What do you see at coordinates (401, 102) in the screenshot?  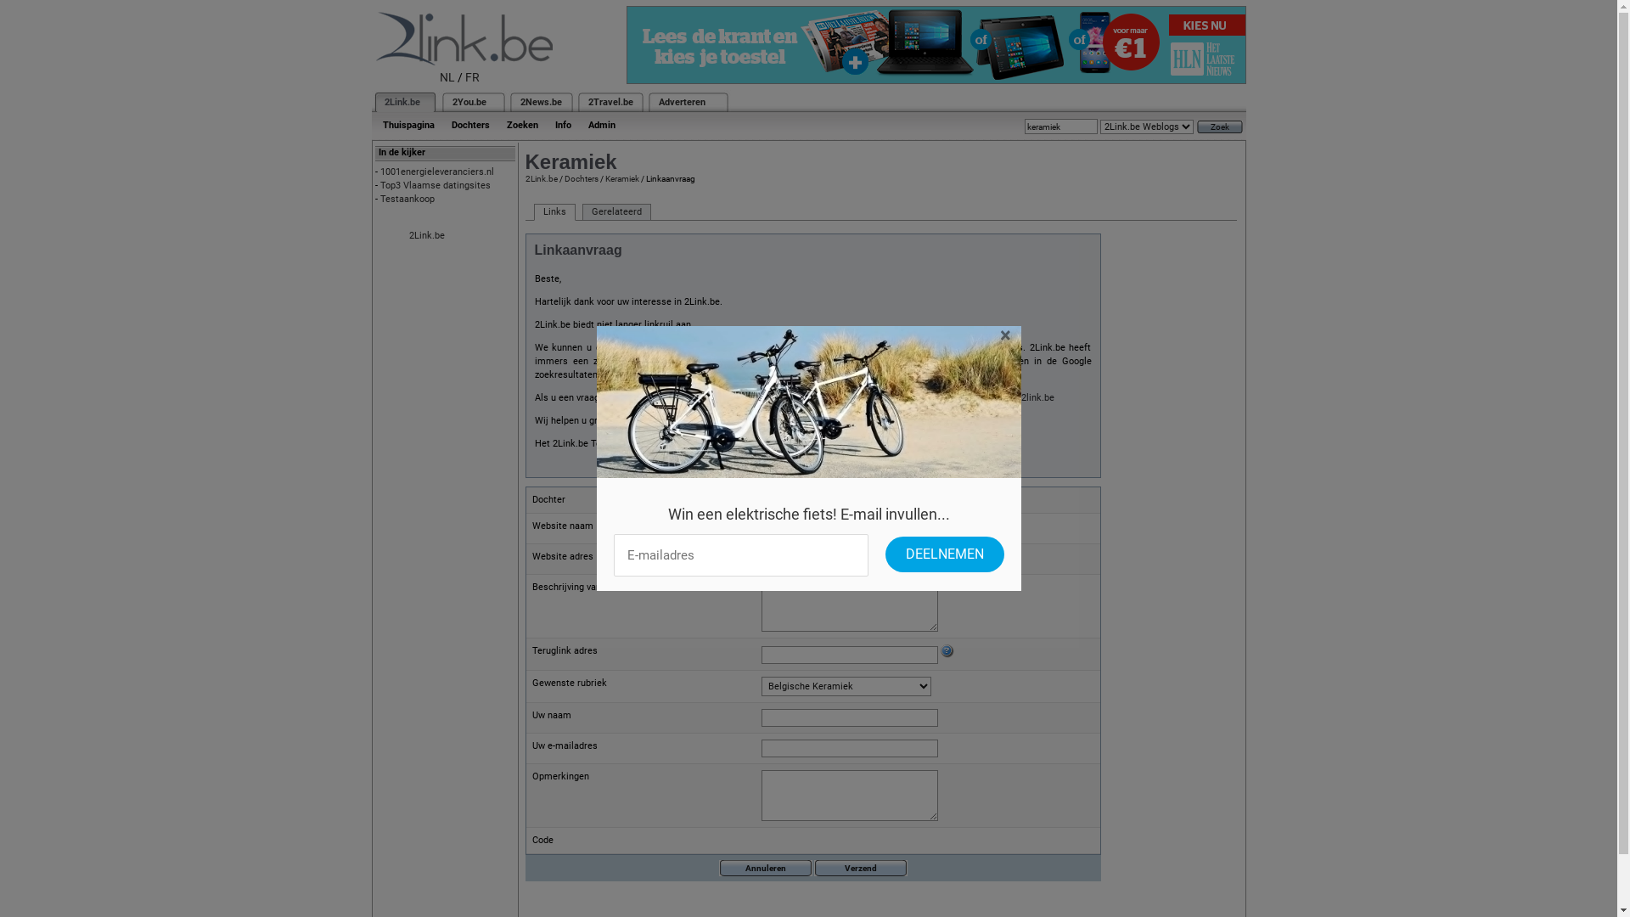 I see `'2Link.be'` at bounding box center [401, 102].